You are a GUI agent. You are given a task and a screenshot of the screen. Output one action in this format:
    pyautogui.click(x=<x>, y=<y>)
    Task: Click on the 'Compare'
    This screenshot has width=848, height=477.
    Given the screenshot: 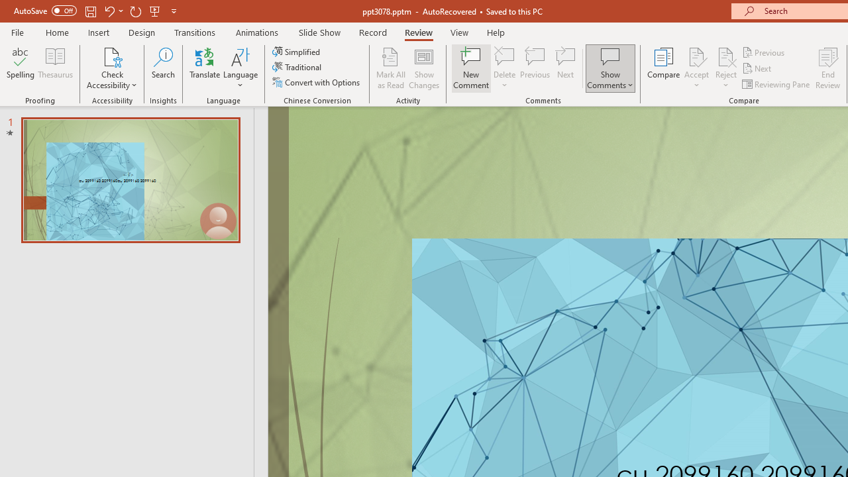 What is the action you would take?
    pyautogui.click(x=664, y=68)
    